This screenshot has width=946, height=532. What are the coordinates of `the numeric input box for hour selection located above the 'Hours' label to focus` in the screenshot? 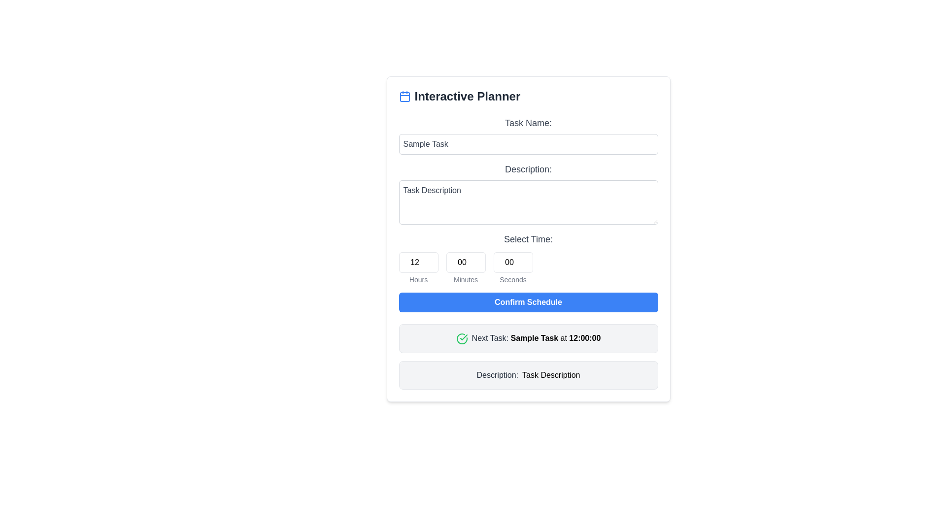 It's located at (418, 262).